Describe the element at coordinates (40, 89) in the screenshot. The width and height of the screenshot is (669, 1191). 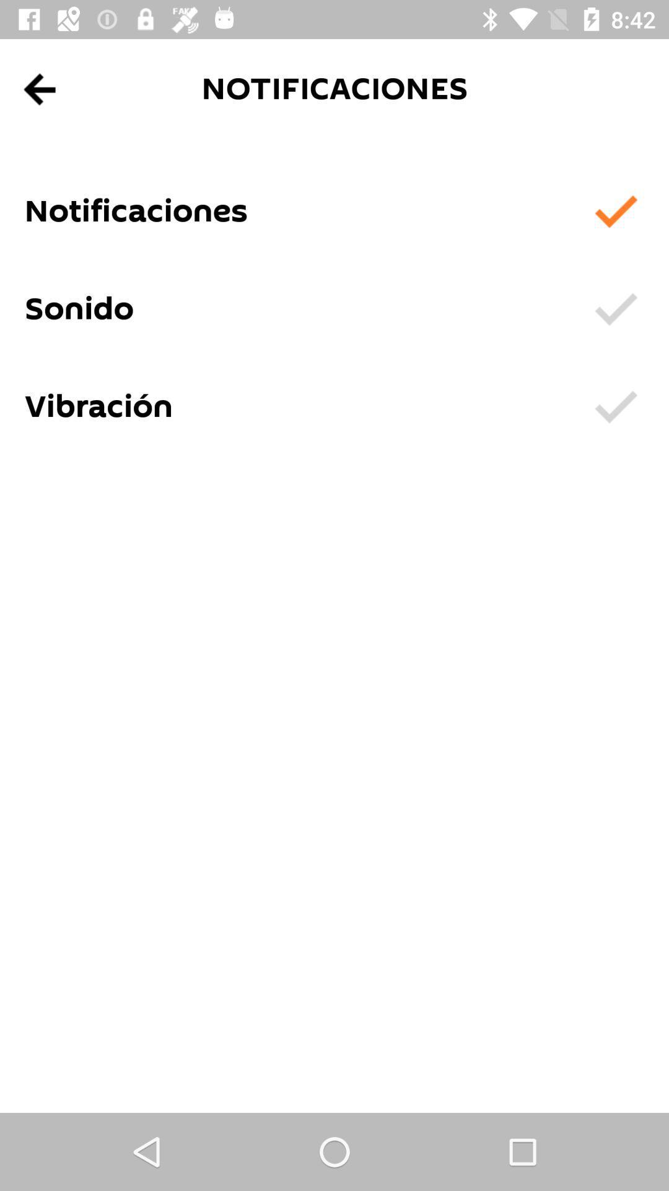
I see `the app above notificaciones` at that location.